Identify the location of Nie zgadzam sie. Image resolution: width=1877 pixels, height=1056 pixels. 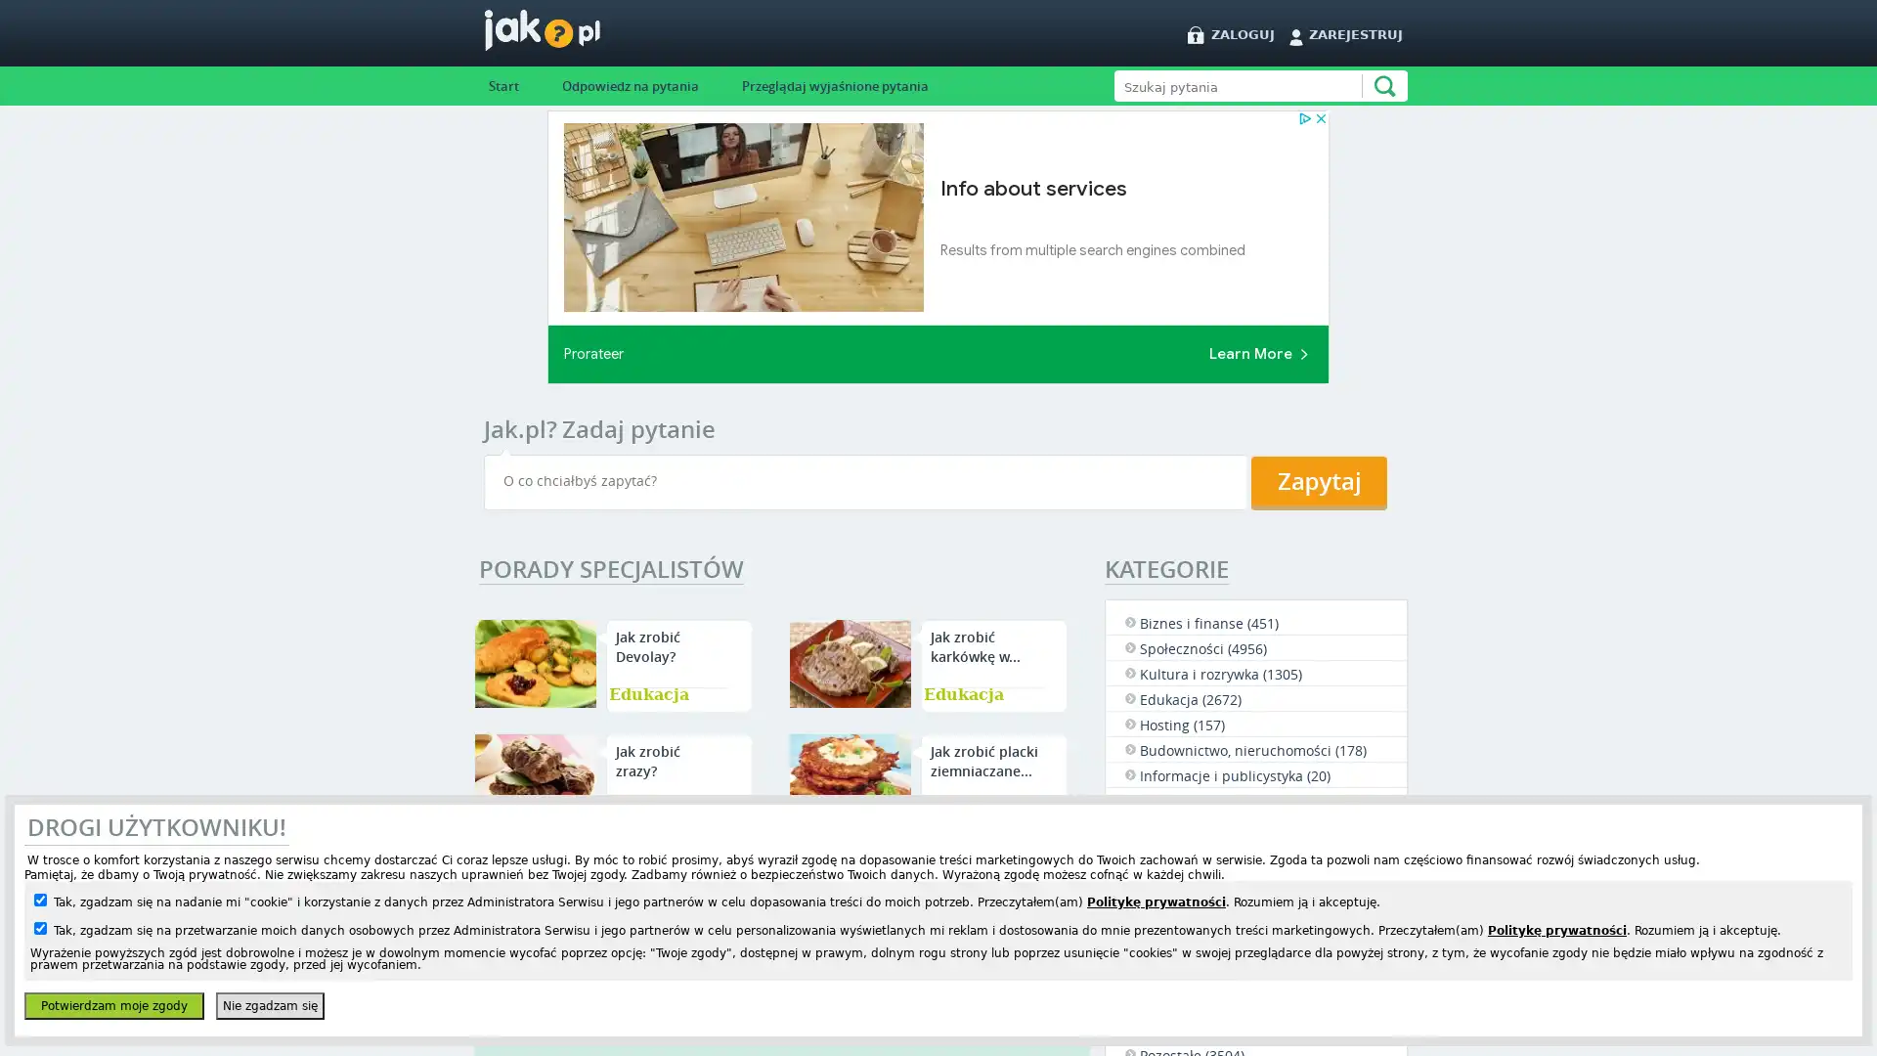
(269, 1006).